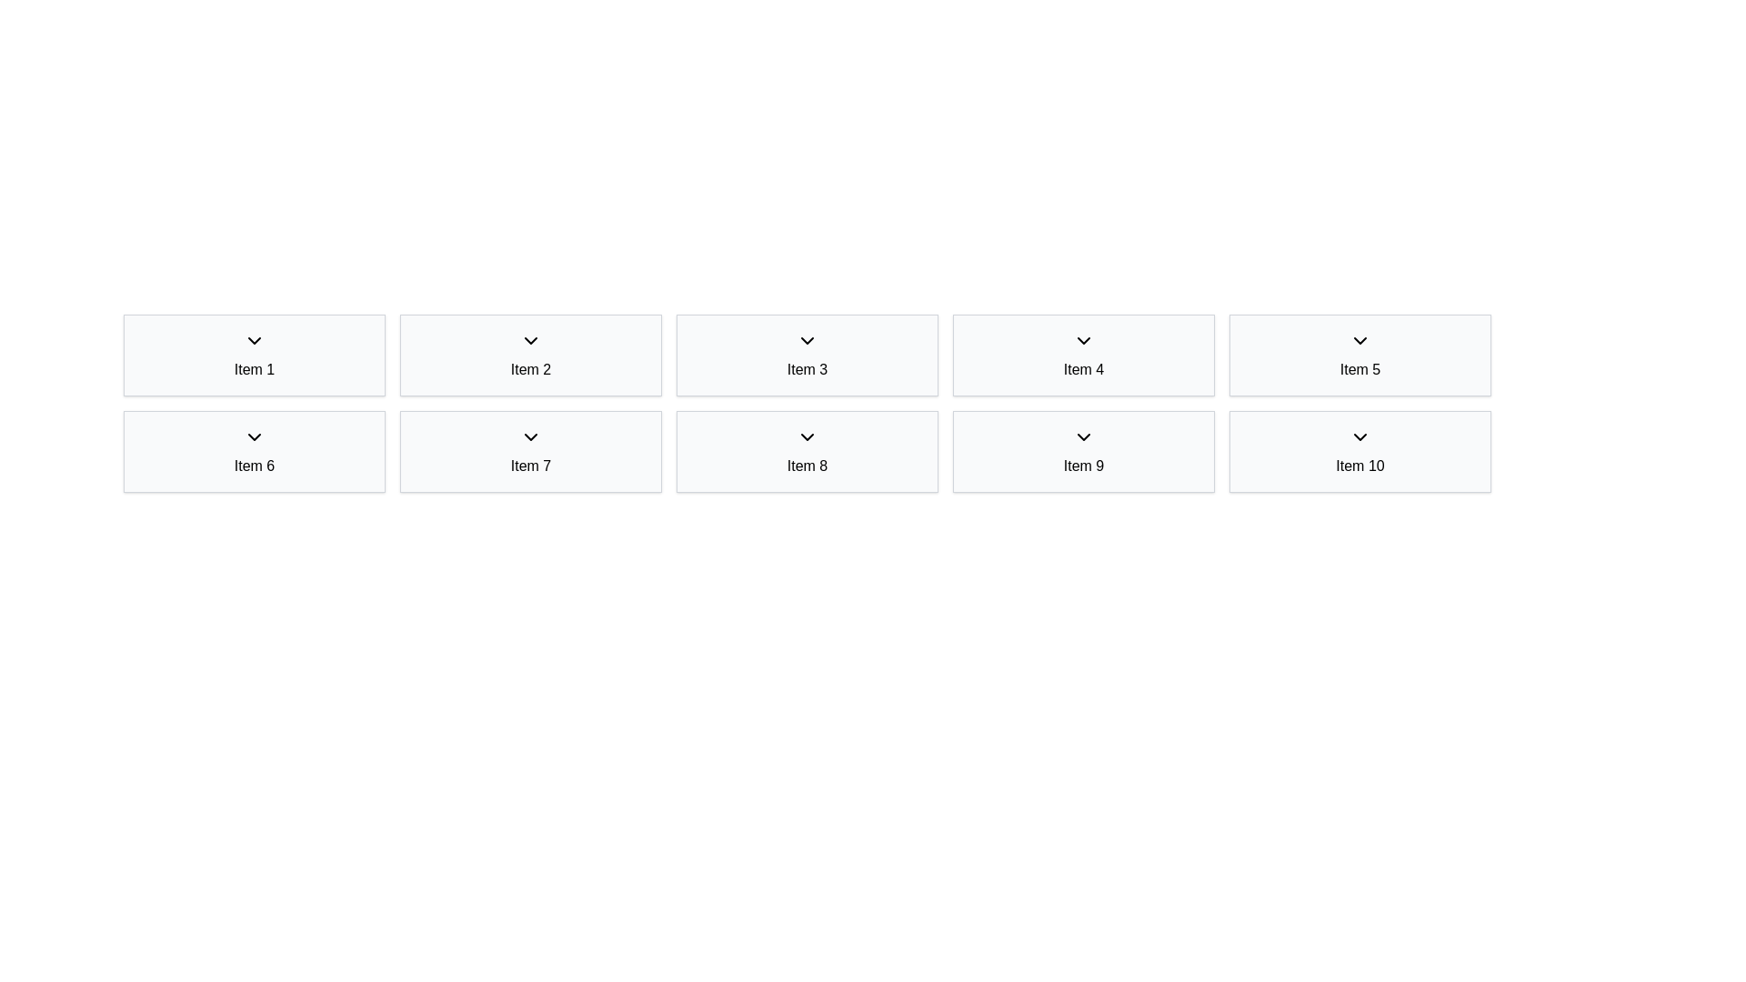  What do you see at coordinates (1083, 437) in the screenshot?
I see `the downward-pointing chevron icon within the 'Item 9' button` at bounding box center [1083, 437].